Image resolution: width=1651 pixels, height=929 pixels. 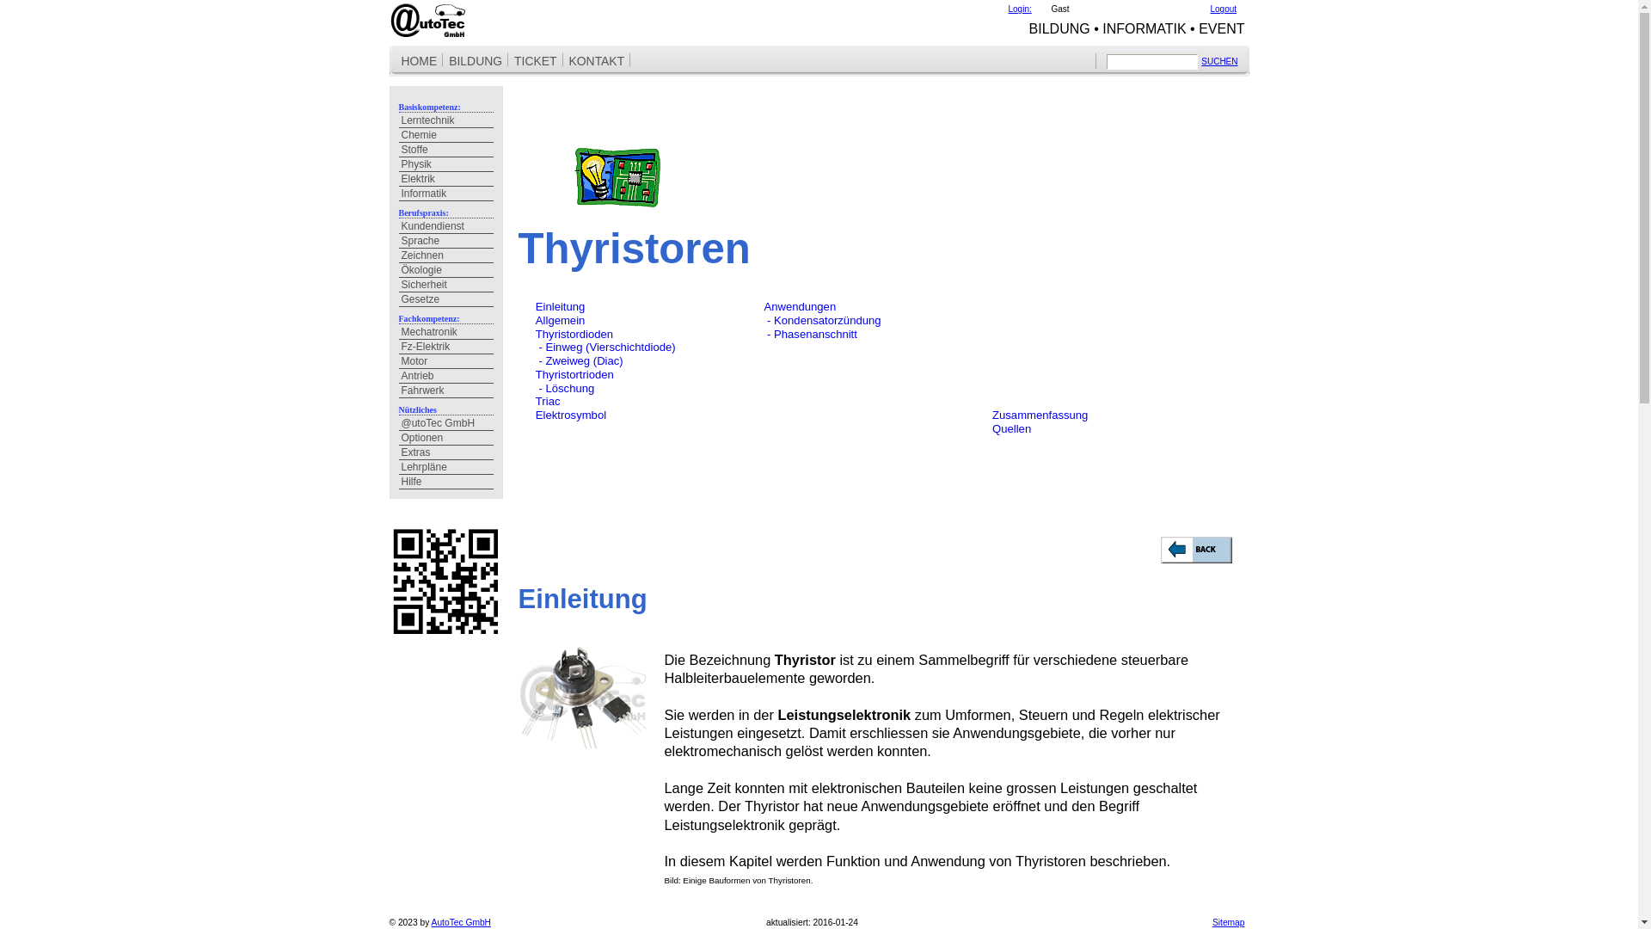 What do you see at coordinates (1228, 921) in the screenshot?
I see `'Sitemap'` at bounding box center [1228, 921].